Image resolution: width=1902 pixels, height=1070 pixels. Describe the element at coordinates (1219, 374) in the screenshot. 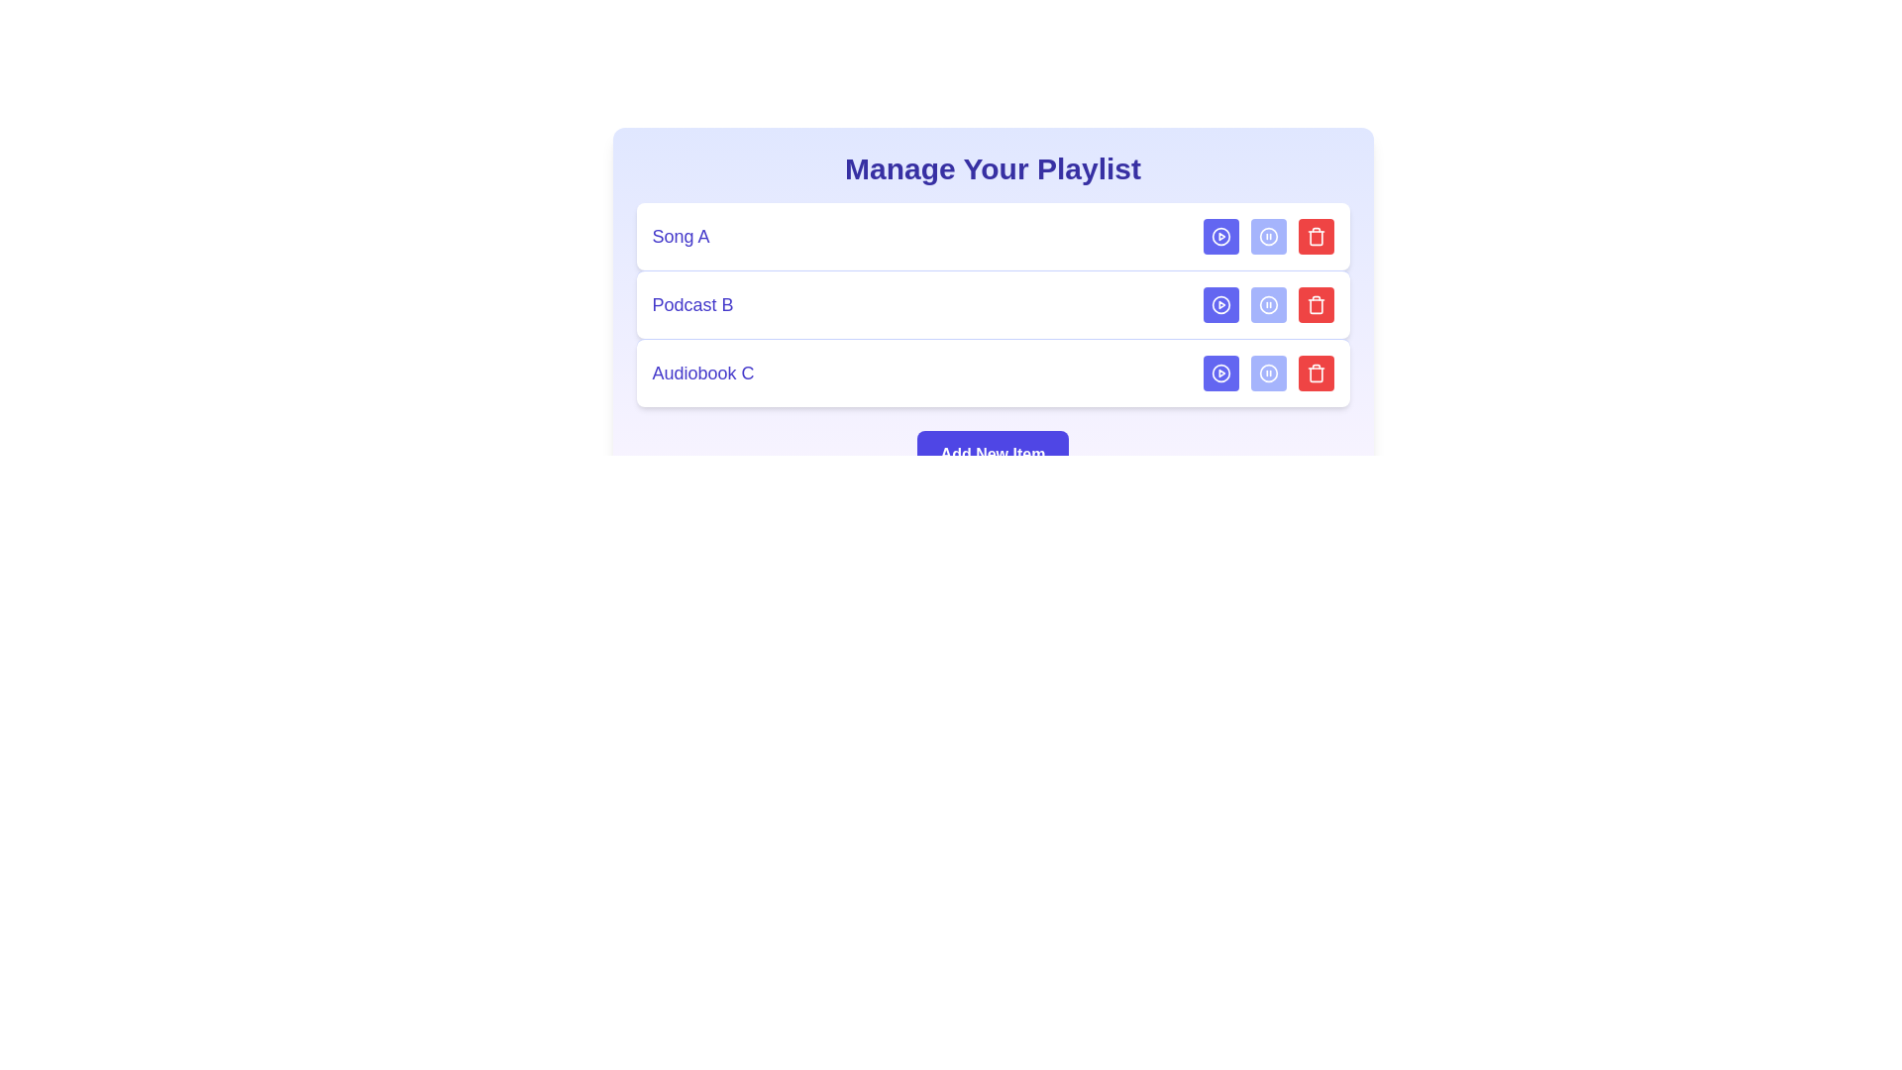

I see `'Play' button for the media item Audiobook C` at that location.